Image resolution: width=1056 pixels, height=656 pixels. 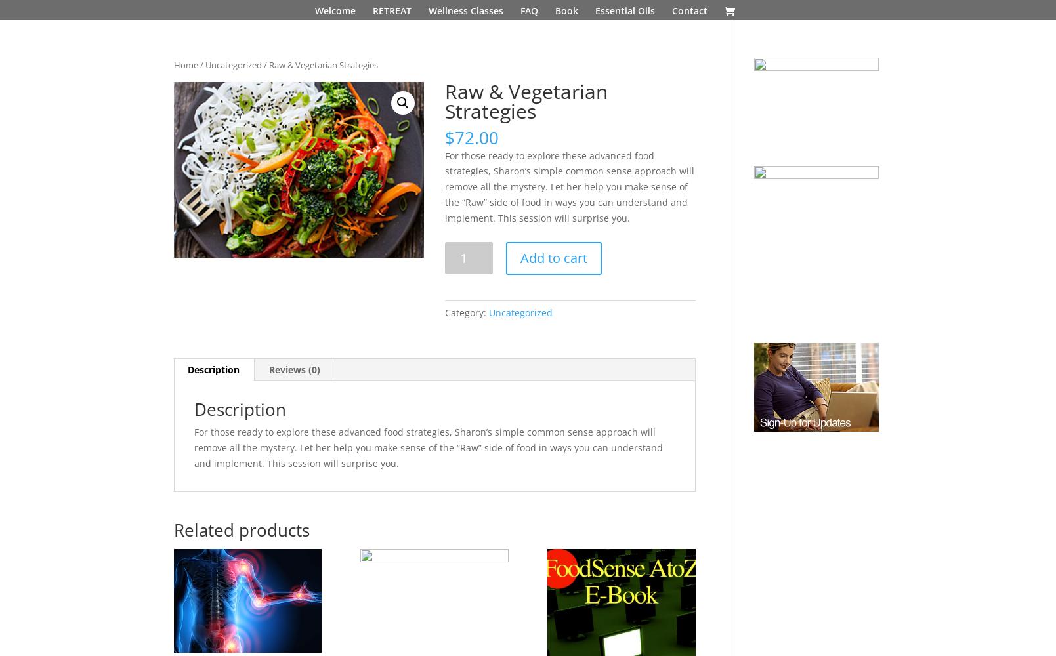 I want to click on 'Reviews (0)', so click(x=293, y=369).